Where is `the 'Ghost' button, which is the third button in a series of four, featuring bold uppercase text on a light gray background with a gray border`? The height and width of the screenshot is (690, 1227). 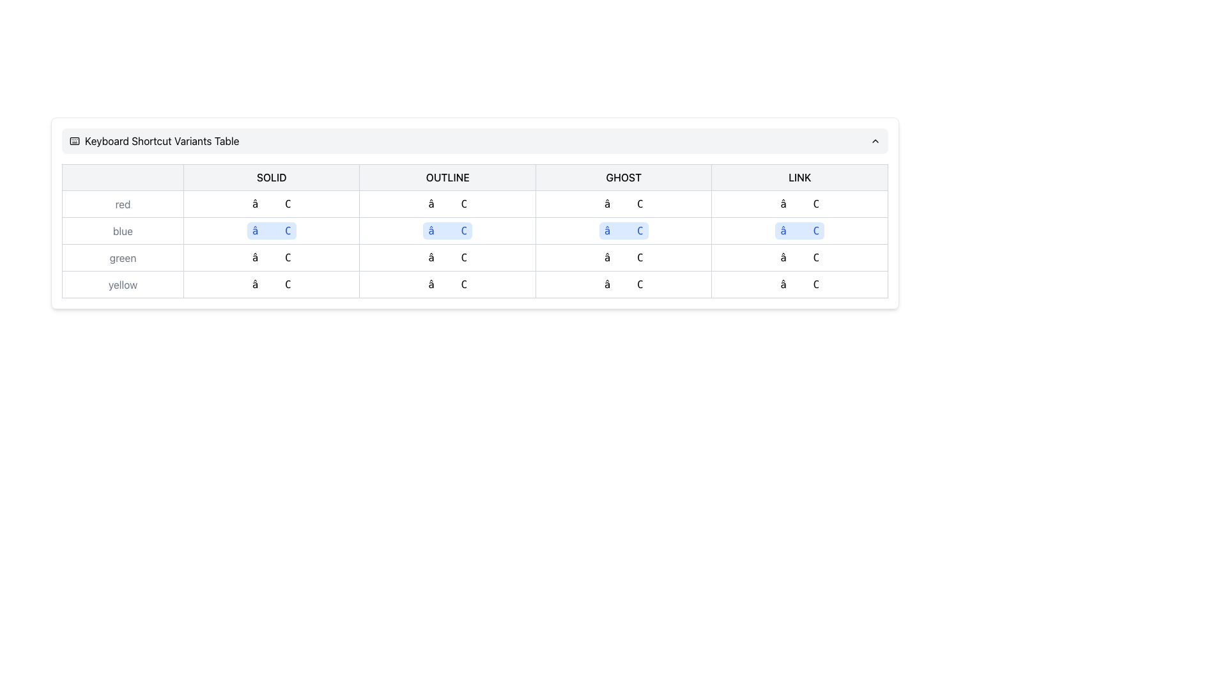
the 'Ghost' button, which is the third button in a series of four, featuring bold uppercase text on a light gray background with a gray border is located at coordinates (624, 177).